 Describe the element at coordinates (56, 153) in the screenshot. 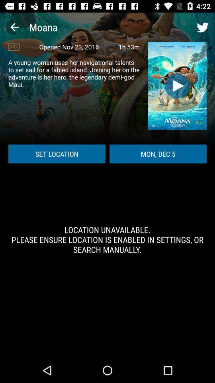

I see `set location item` at that location.